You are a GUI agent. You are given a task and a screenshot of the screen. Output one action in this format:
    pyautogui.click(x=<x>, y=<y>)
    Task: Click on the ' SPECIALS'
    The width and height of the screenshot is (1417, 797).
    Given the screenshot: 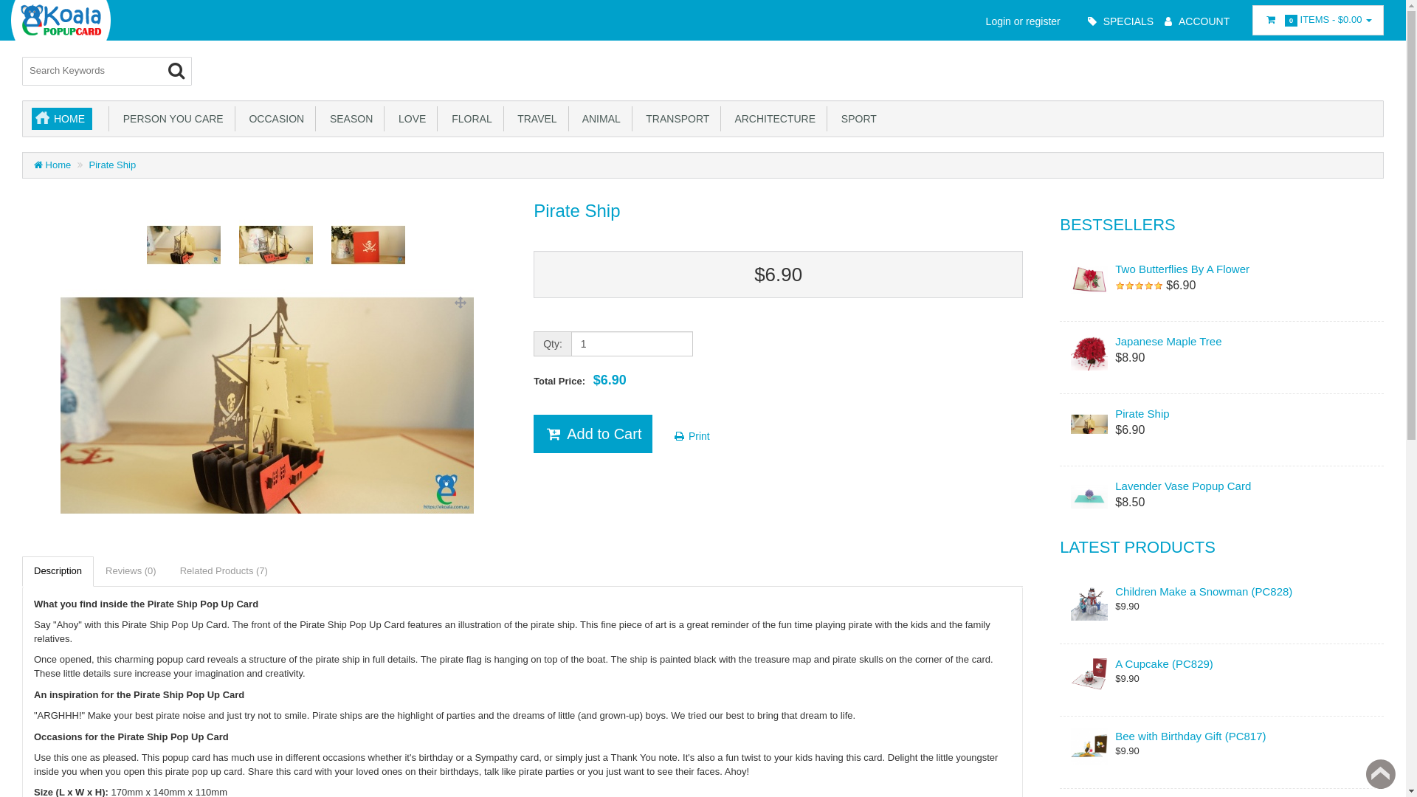 What is the action you would take?
    pyautogui.click(x=1119, y=21)
    